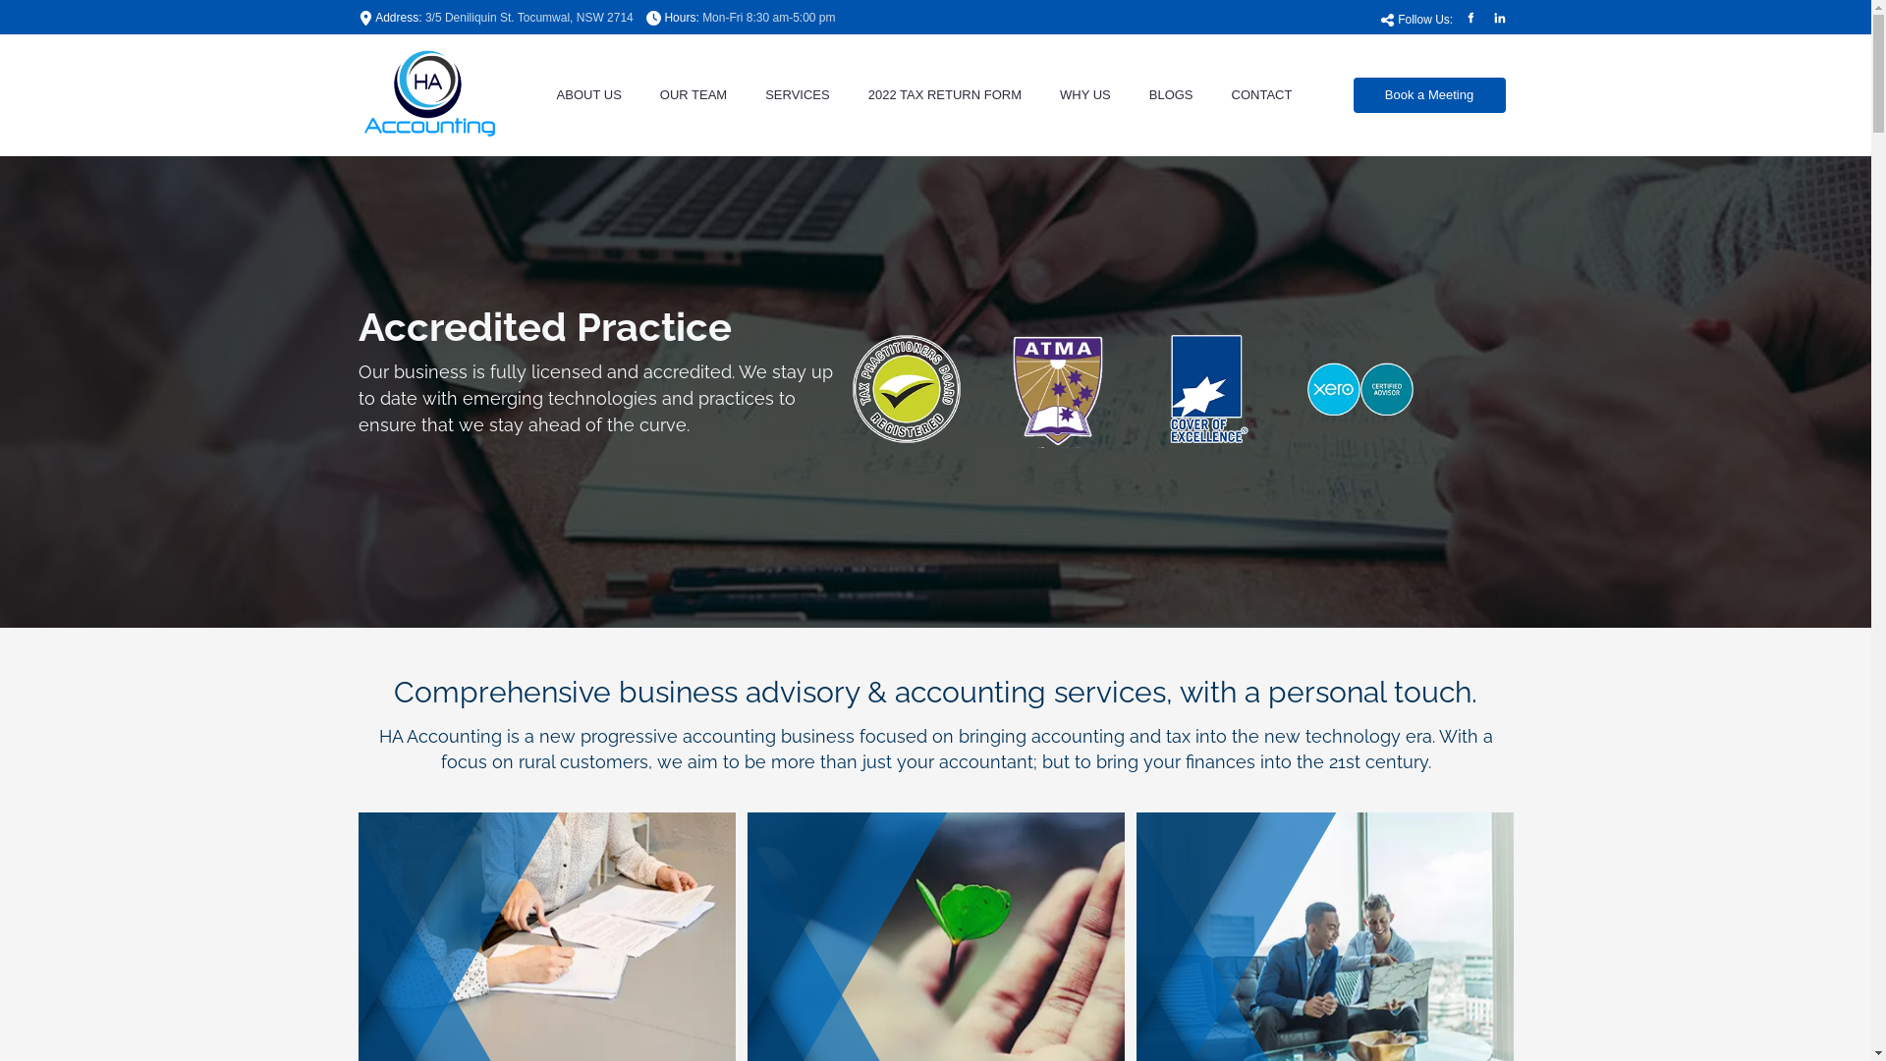  I want to click on 'ABOUT US', so click(587, 94).